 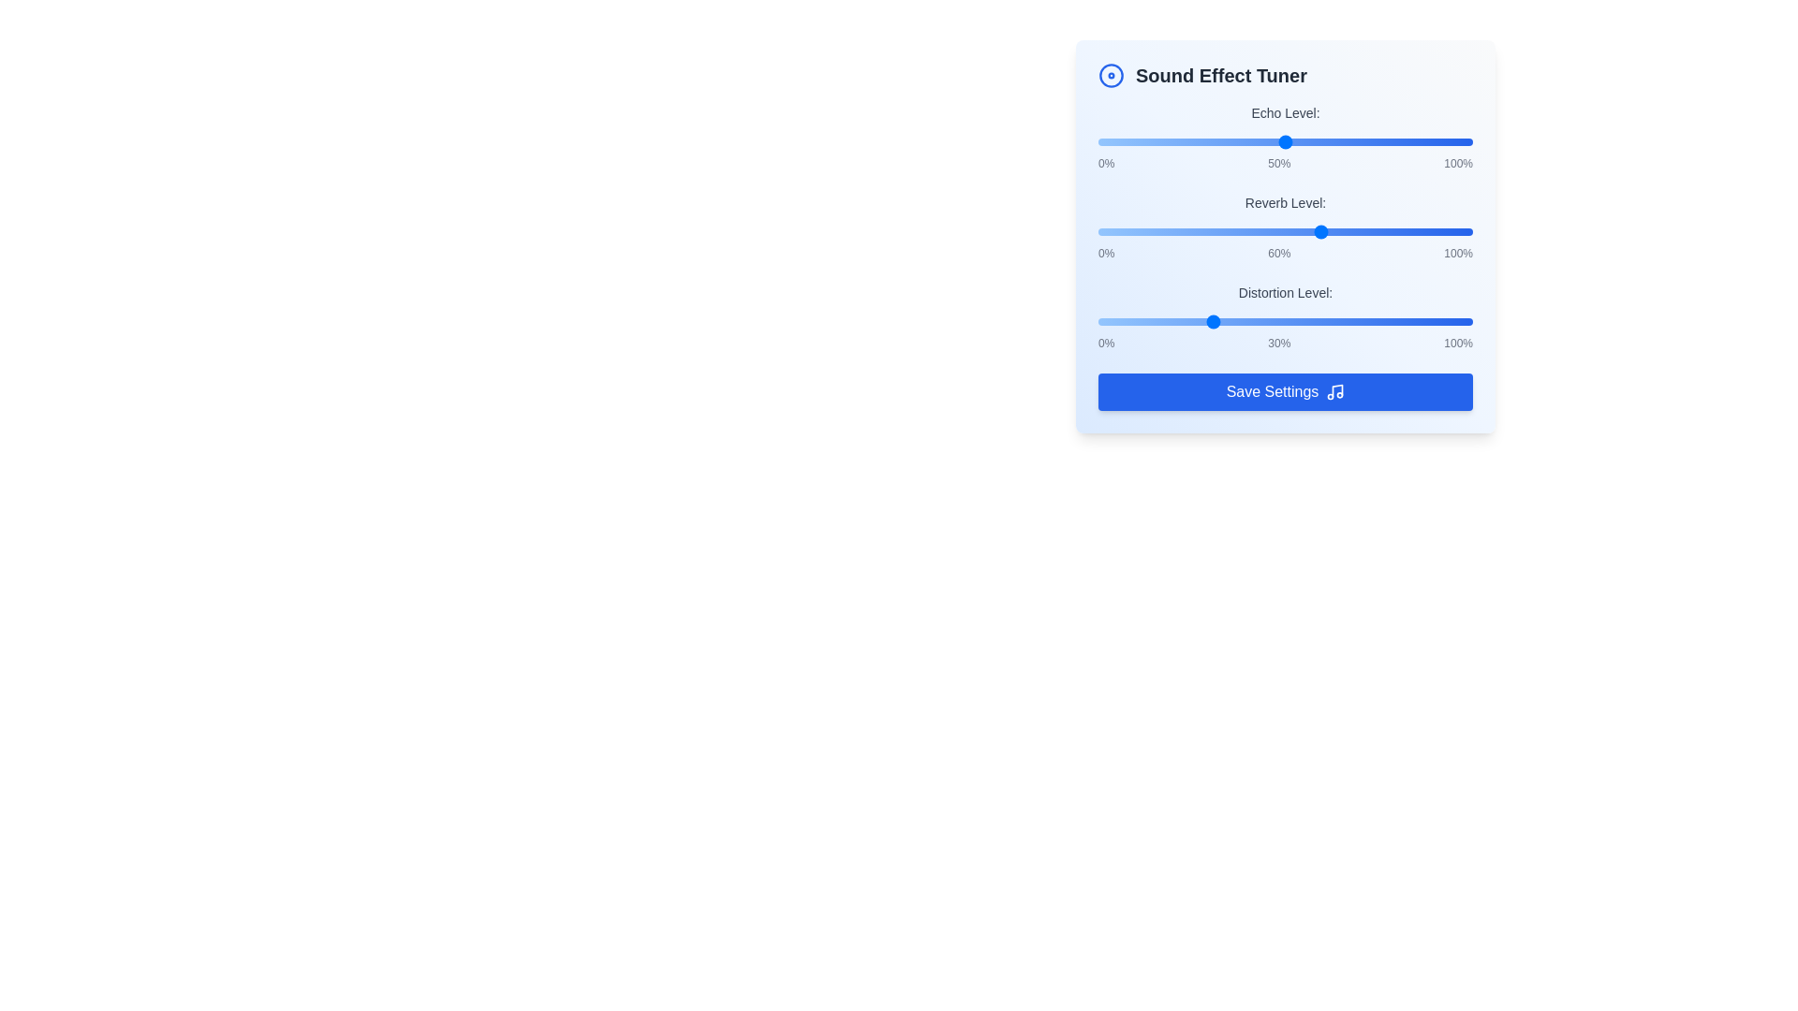 What do you see at coordinates (1367, 140) in the screenshot?
I see `the 'Echo Level' slider to 72%` at bounding box center [1367, 140].